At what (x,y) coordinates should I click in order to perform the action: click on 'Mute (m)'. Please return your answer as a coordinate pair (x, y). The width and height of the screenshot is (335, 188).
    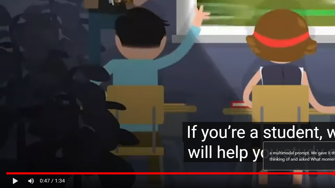
    Looking at the image, I should click on (31, 181).